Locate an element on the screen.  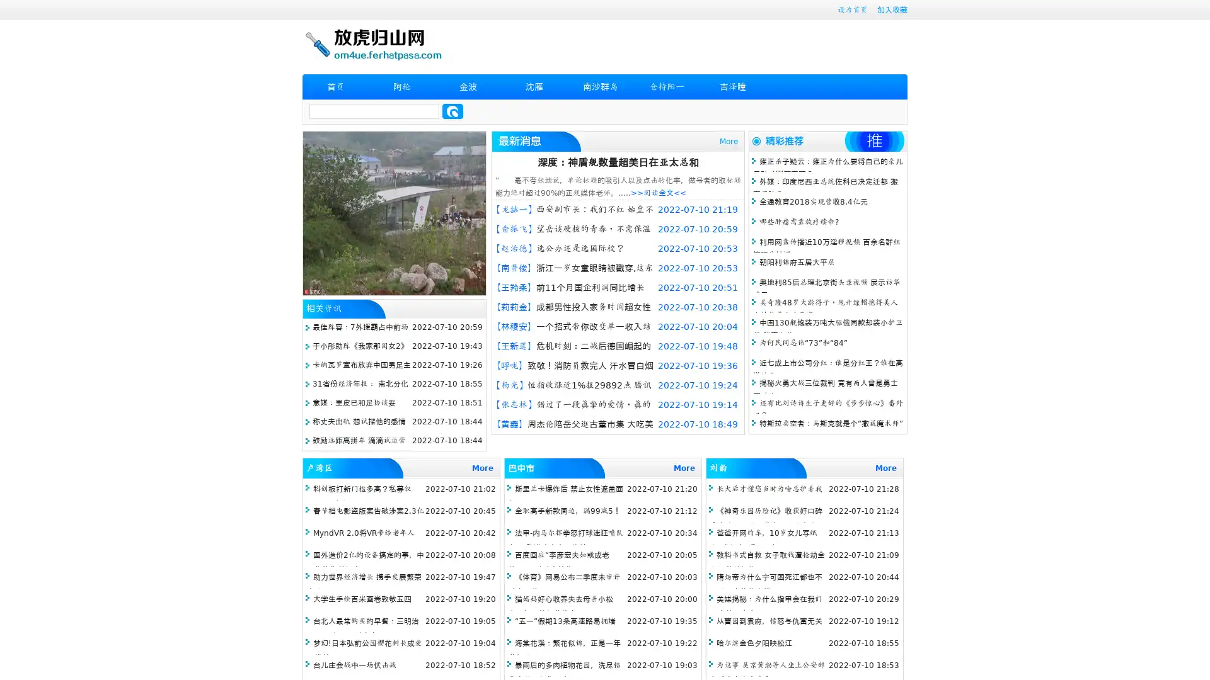
Search is located at coordinates (452, 111).